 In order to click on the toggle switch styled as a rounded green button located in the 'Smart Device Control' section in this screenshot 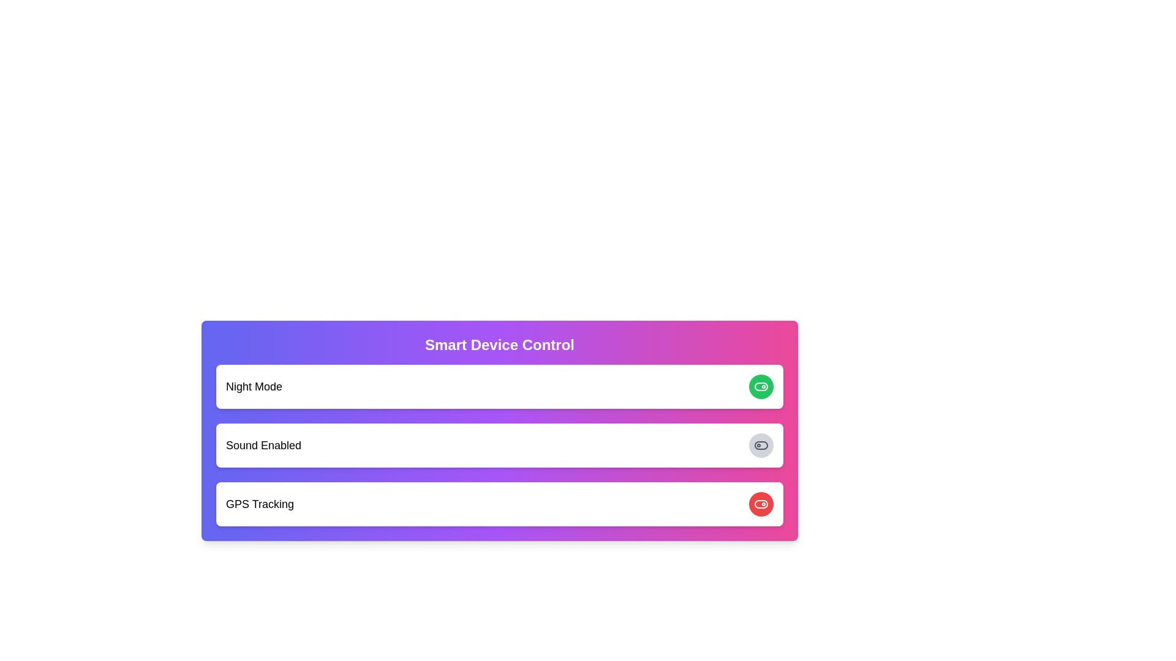, I will do `click(761, 387)`.